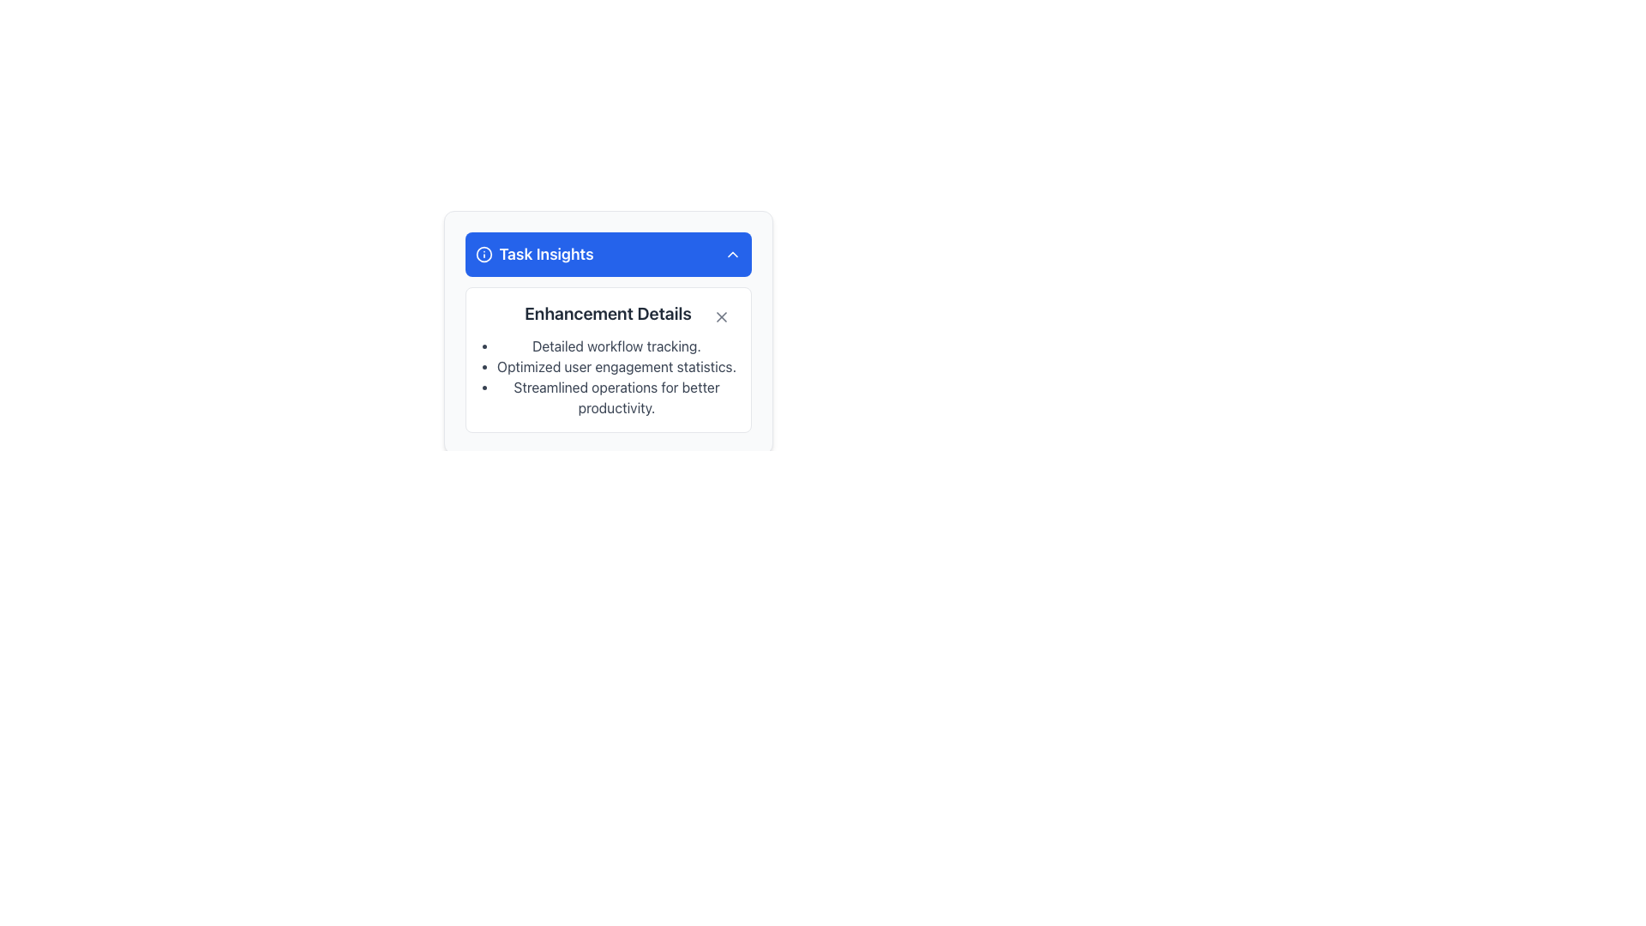 This screenshot has height=926, width=1646. I want to click on the bullet points of the informational display located below the blue header in the 'Task Insights' section, so click(608, 359).